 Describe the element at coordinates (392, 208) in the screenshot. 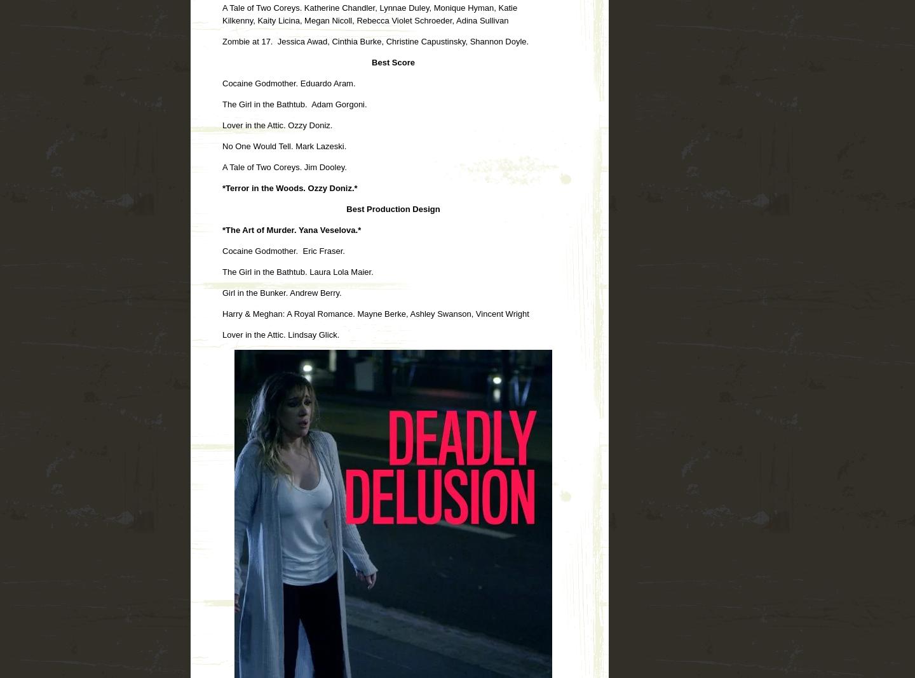

I see `'Best Production Design'` at that location.